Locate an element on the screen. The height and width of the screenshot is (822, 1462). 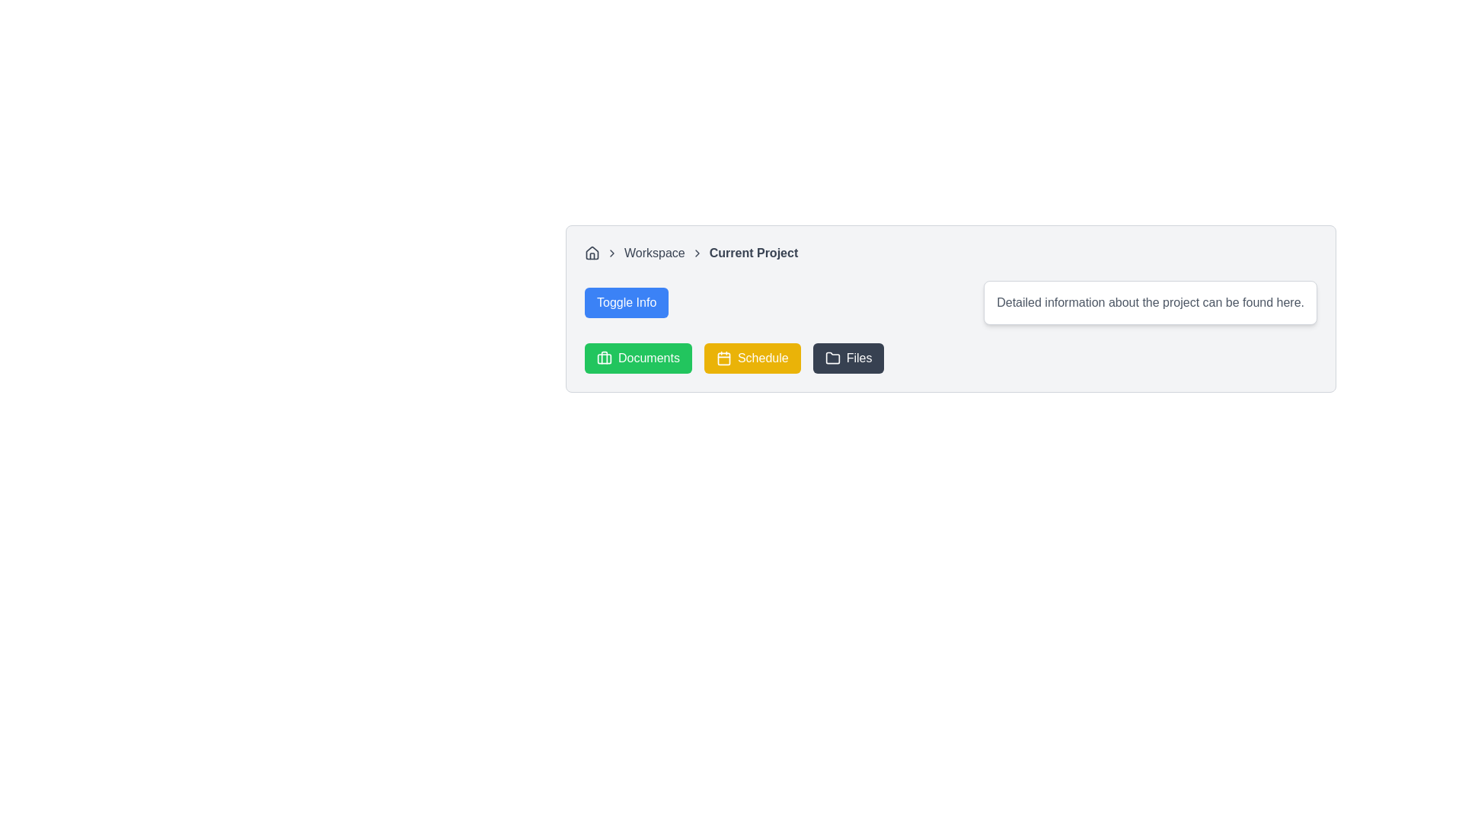
the 'Workspace' navigation label in the breadcrumb trail is located at coordinates (654, 252).